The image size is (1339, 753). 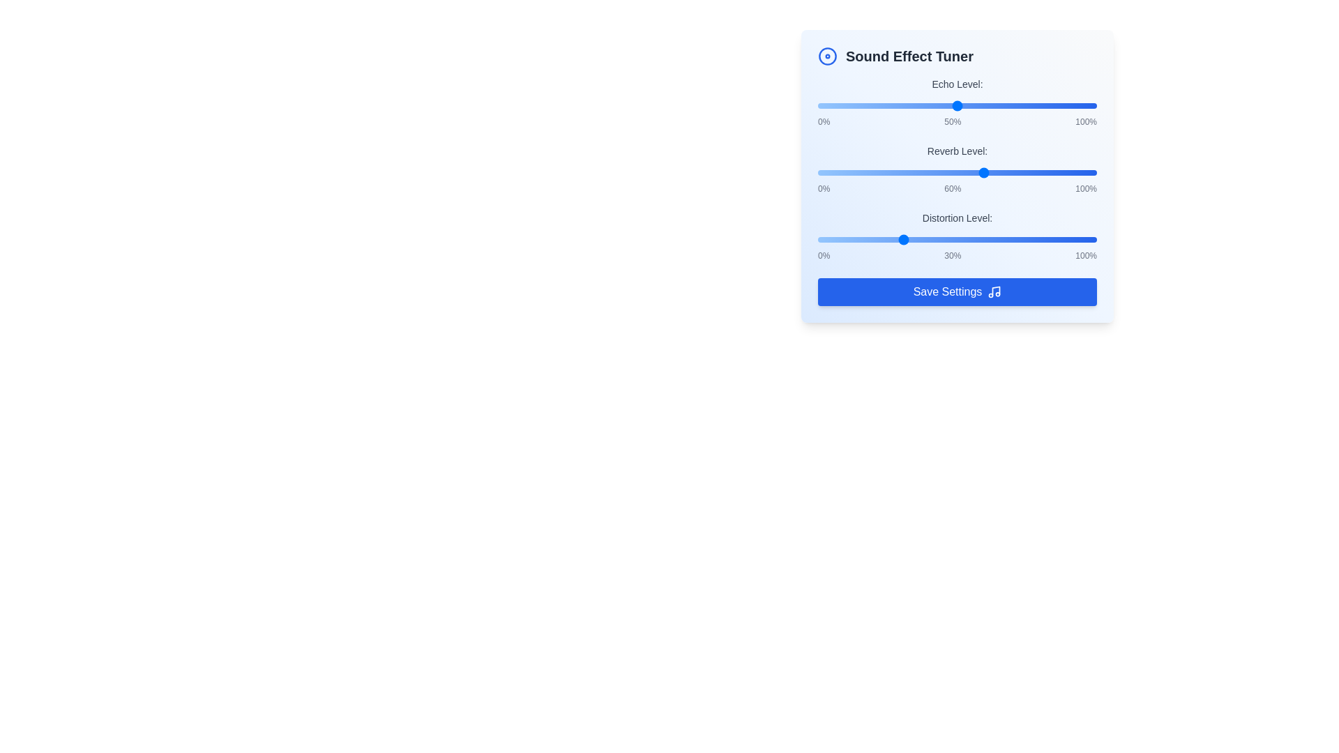 I want to click on the 'Distortion Level' slider to 14%, so click(x=856, y=238).